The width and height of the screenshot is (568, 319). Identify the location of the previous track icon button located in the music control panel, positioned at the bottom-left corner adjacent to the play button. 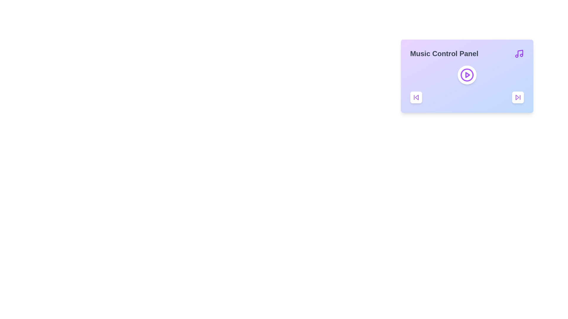
(416, 97).